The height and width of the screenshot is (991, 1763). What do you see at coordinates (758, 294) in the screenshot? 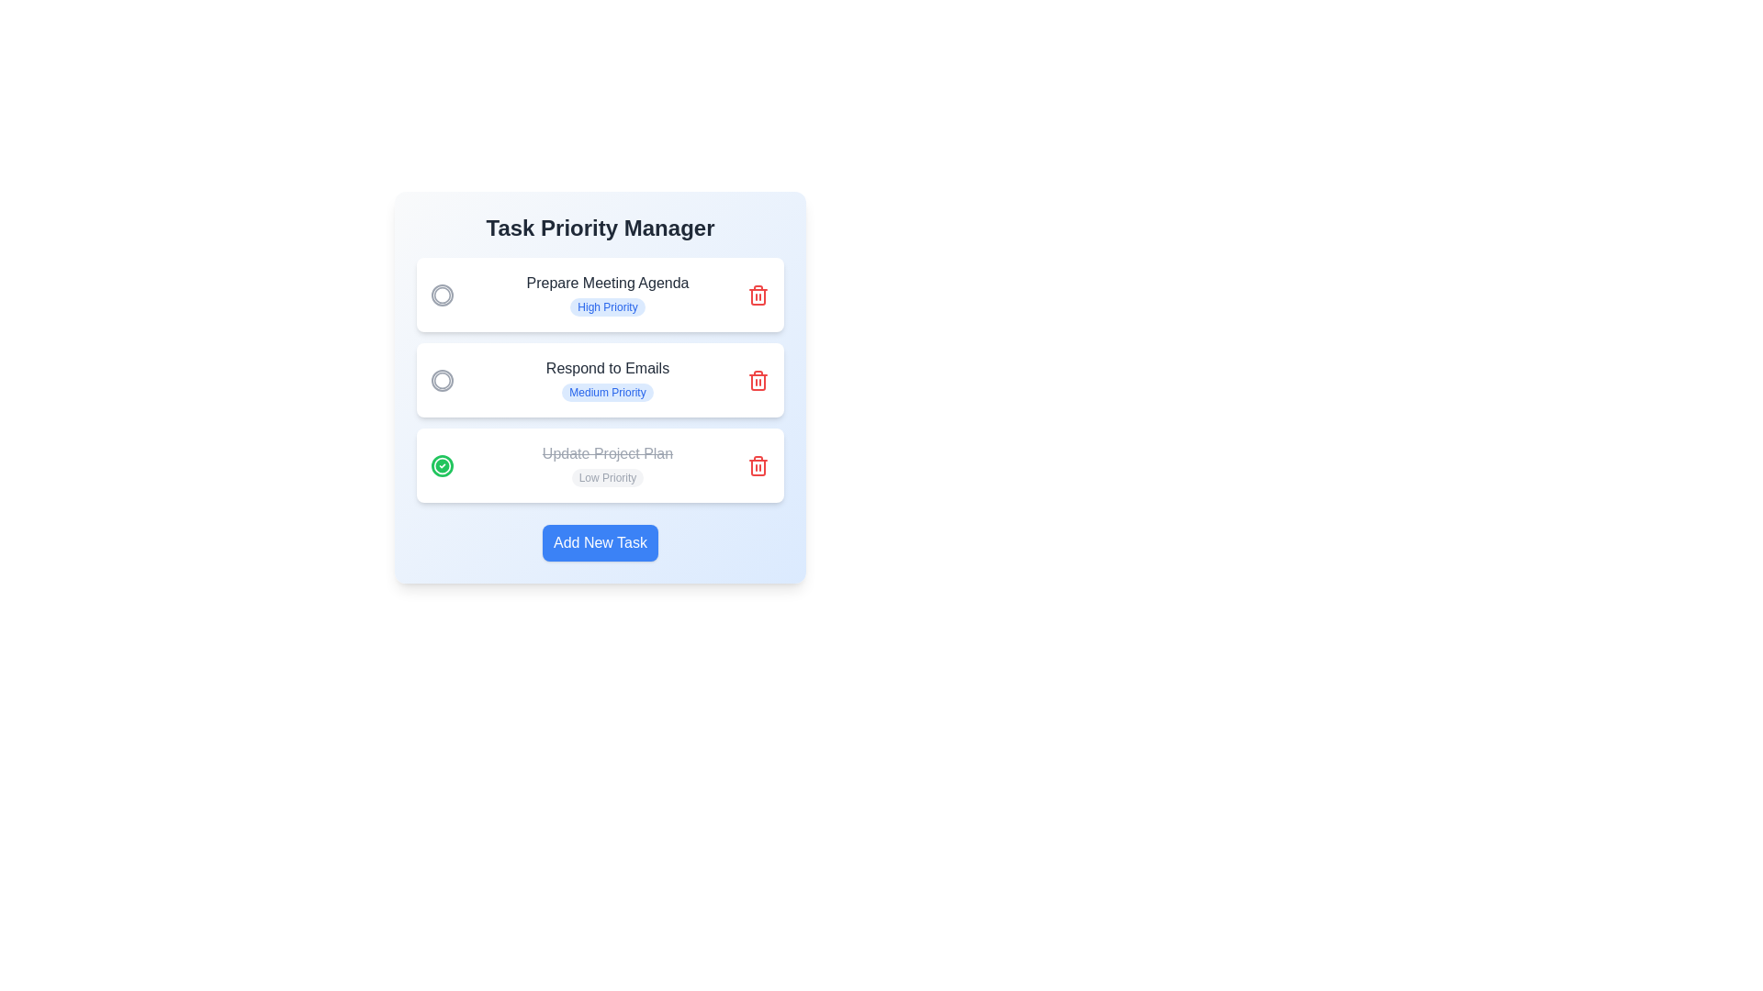
I see `the red trash bin icon` at bounding box center [758, 294].